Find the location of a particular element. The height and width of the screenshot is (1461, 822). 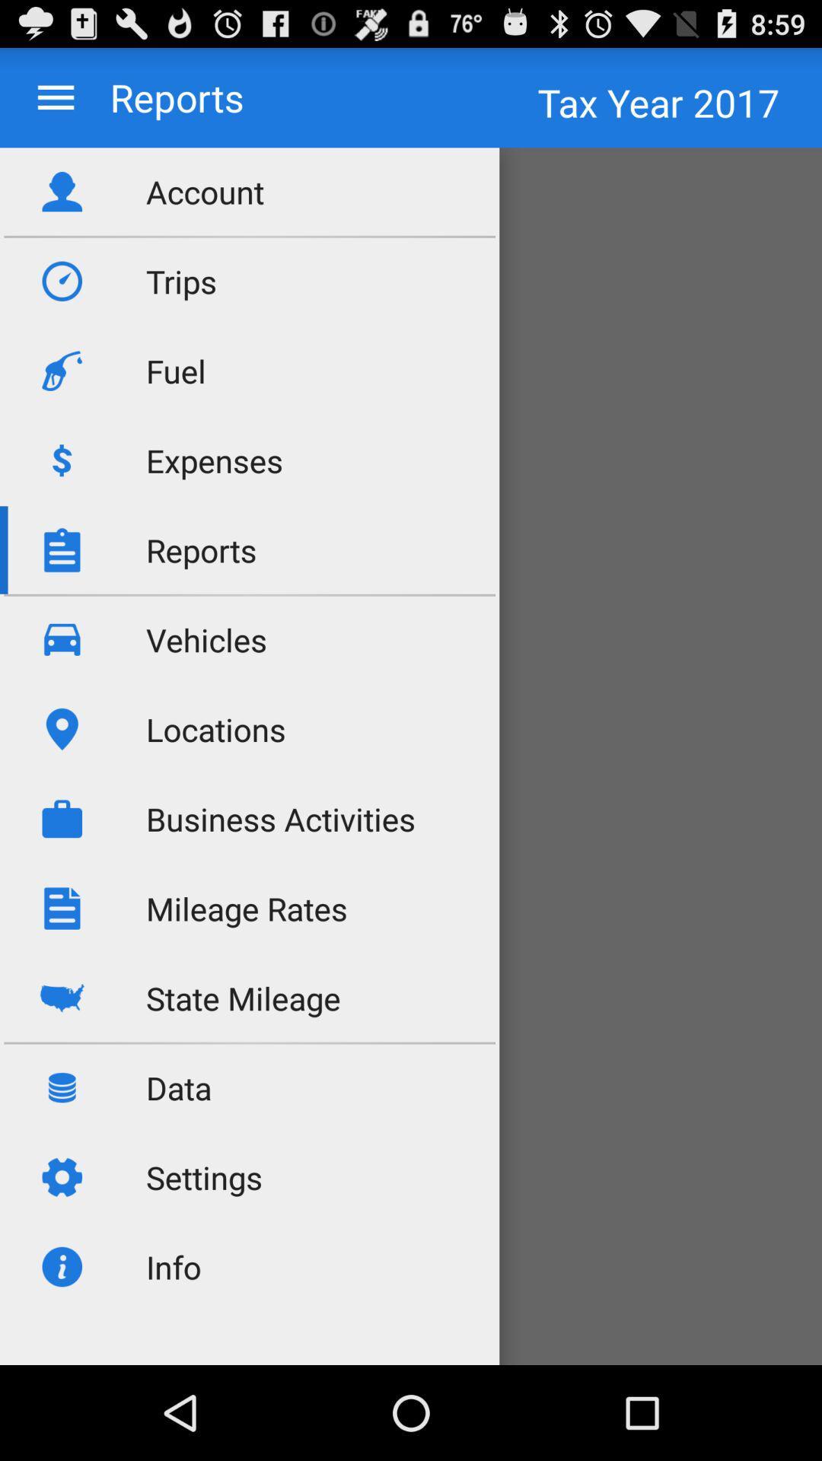

the menu list is located at coordinates (55, 97).